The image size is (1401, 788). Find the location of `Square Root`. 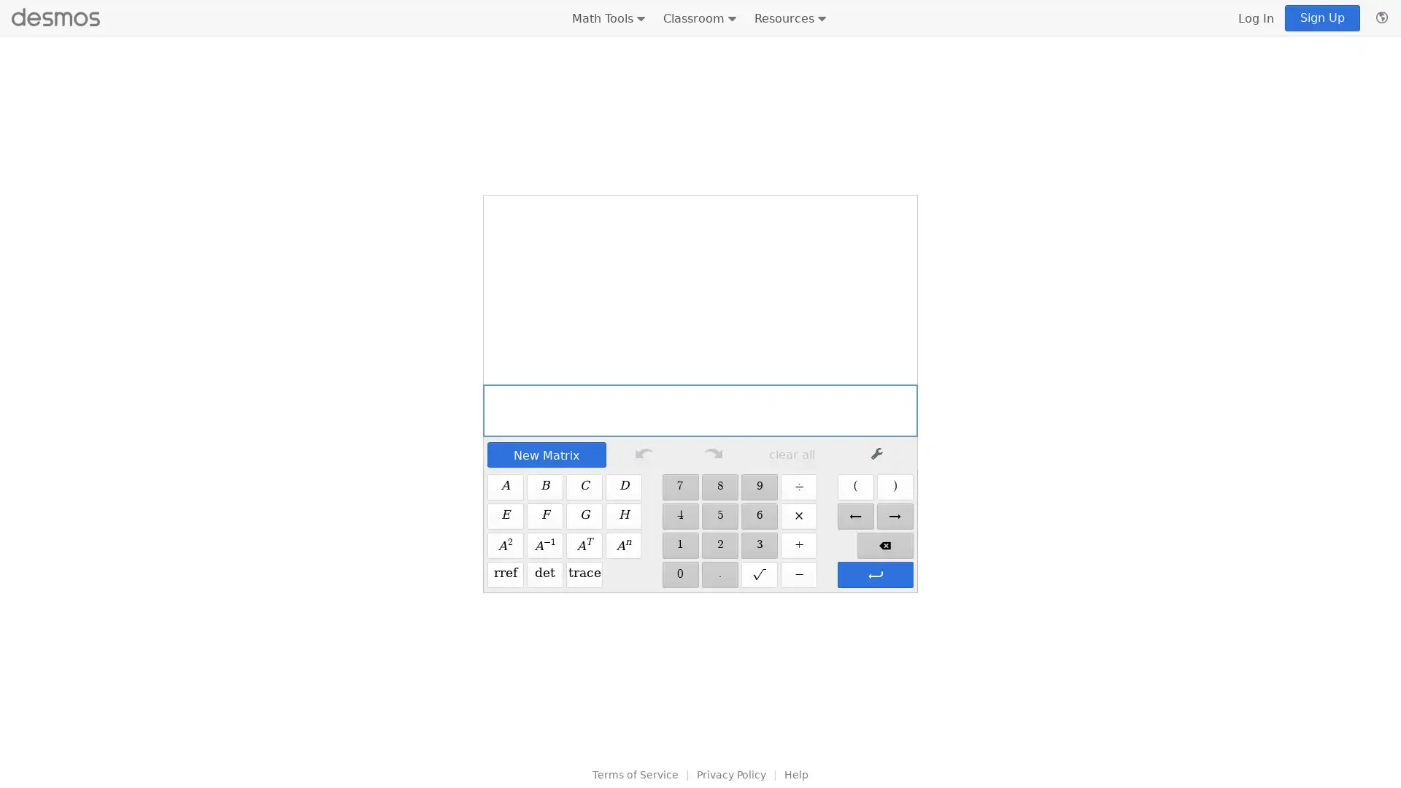

Square Root is located at coordinates (759, 573).